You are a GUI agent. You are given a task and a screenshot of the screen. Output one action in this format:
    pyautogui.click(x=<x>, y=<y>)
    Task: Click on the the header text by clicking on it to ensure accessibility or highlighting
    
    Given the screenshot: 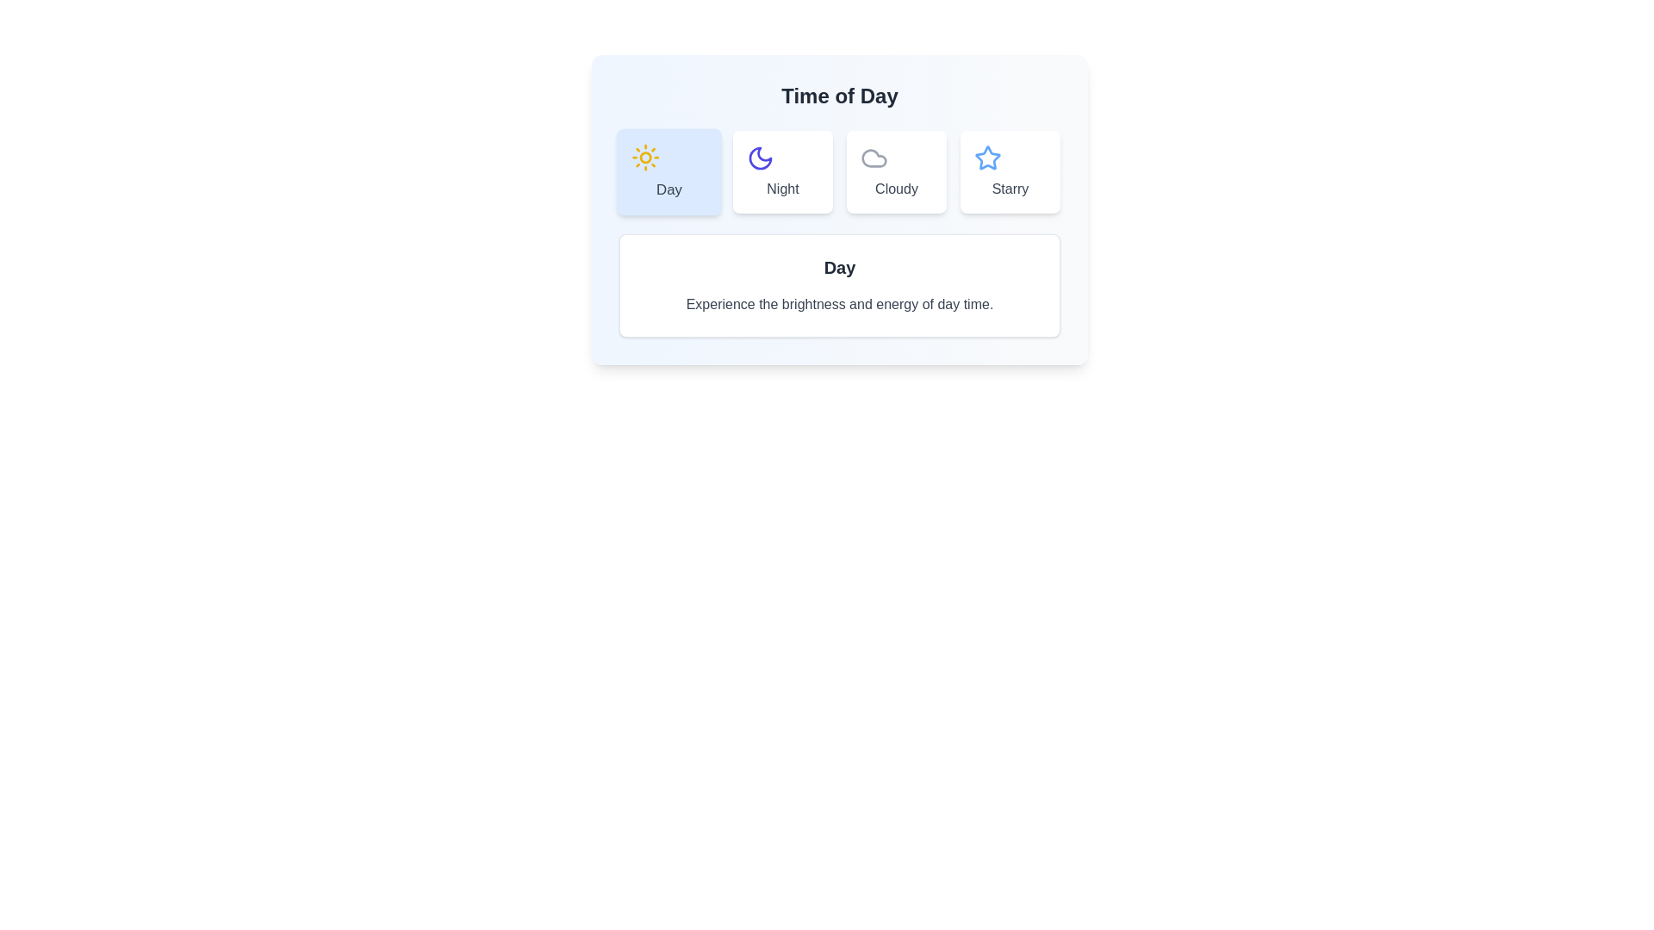 What is the action you would take?
    pyautogui.click(x=839, y=96)
    